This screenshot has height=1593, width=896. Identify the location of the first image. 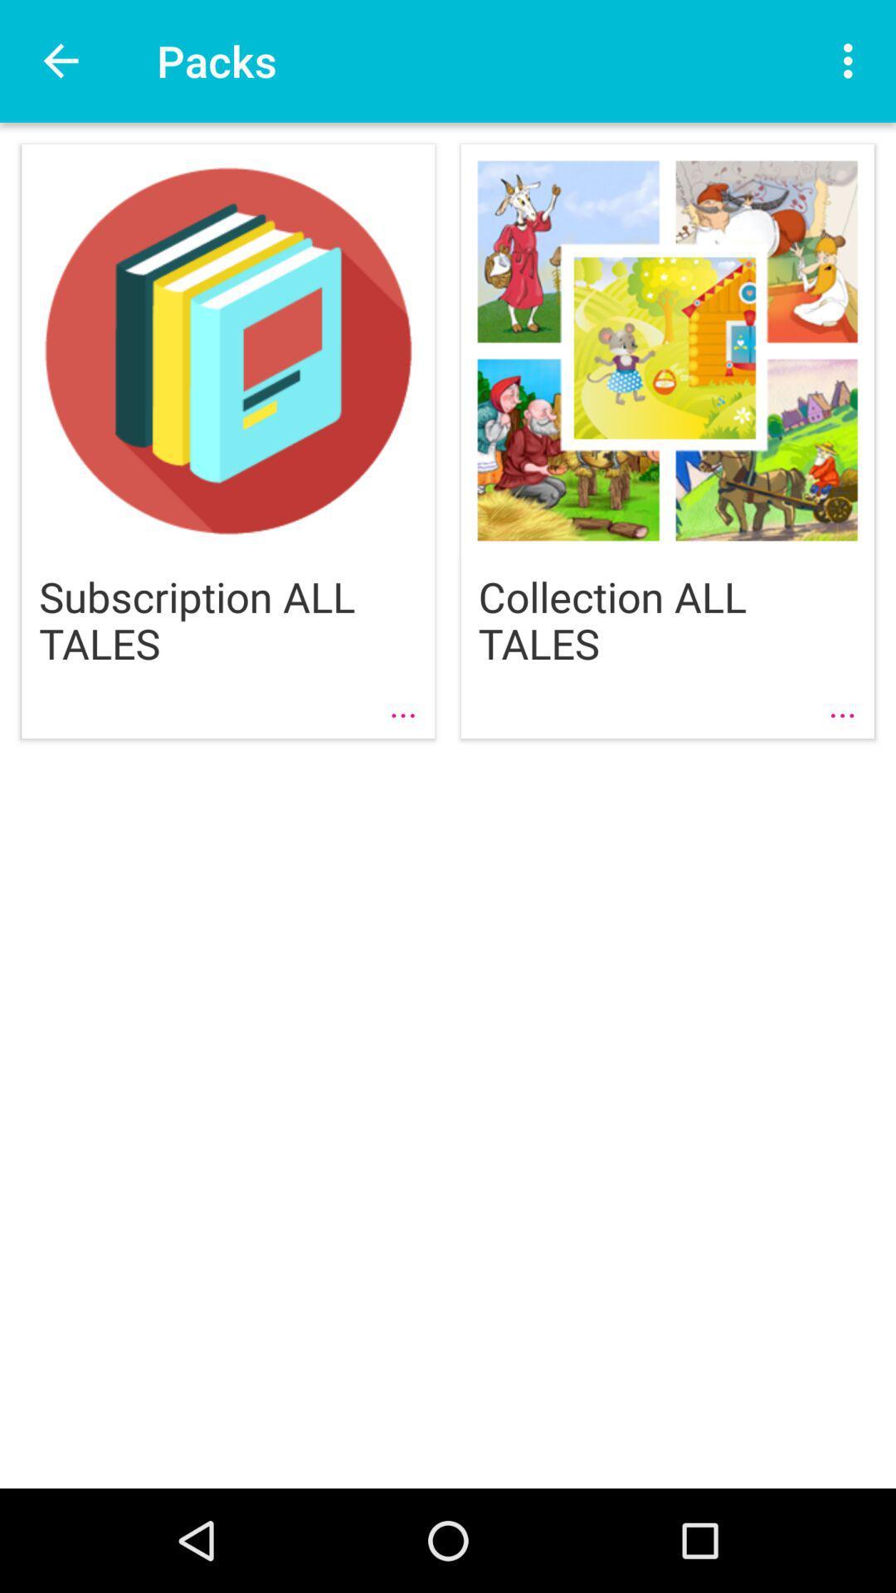
(227, 455).